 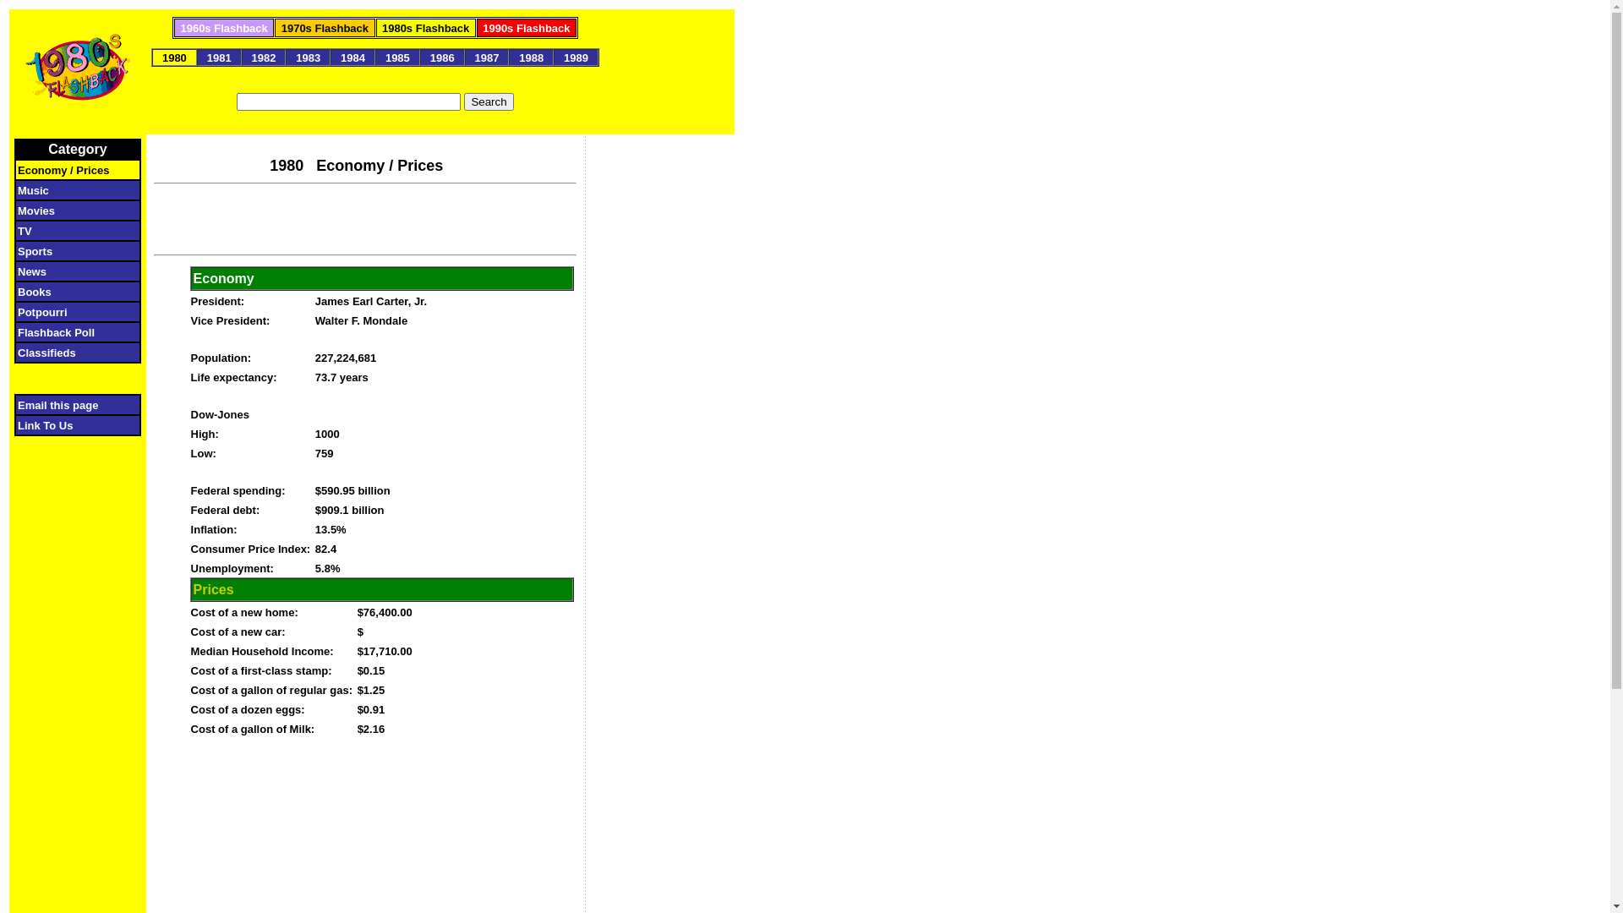 What do you see at coordinates (17, 250) in the screenshot?
I see `'Sports                       '` at bounding box center [17, 250].